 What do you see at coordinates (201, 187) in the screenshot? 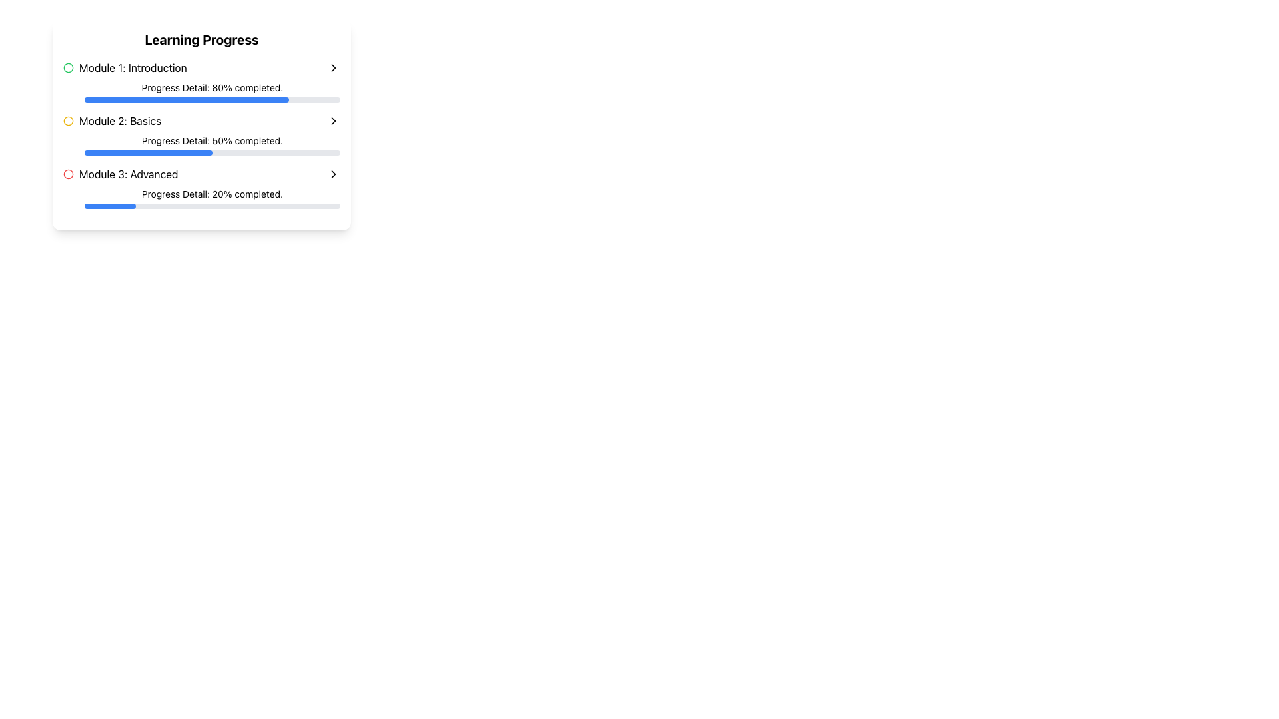
I see `the Composite UI element indicating the title and progress of 'Module 2: Basics' in the 'Learning Progress' section` at bounding box center [201, 187].